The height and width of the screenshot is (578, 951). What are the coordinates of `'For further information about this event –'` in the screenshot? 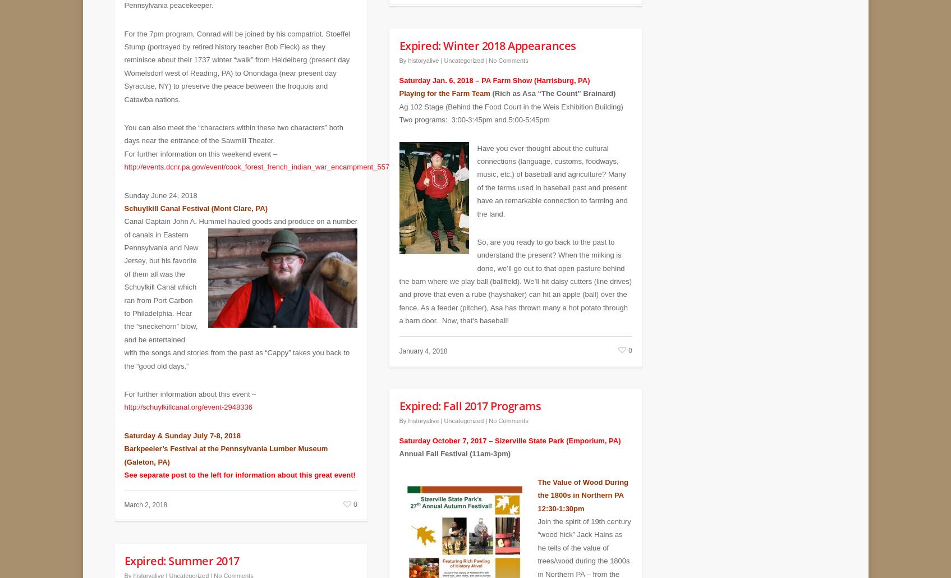 It's located at (189, 386).